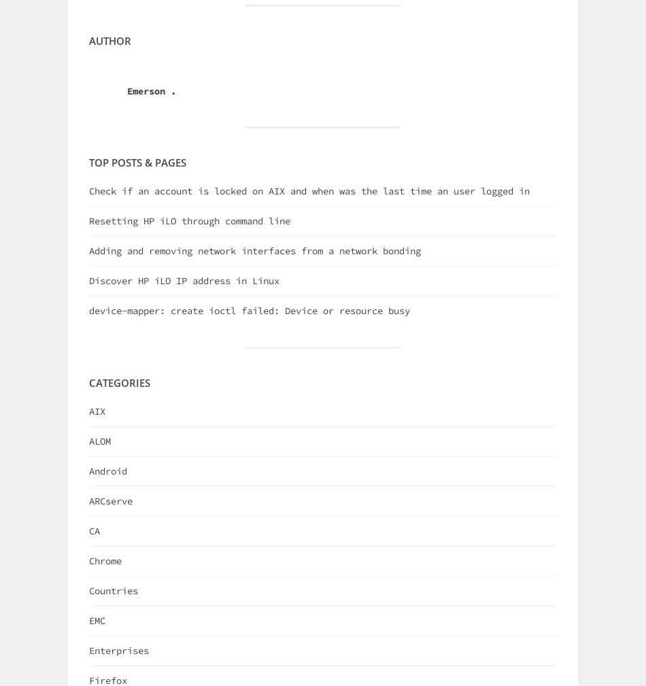 This screenshot has height=686, width=646. I want to click on 'Categories', so click(120, 382).